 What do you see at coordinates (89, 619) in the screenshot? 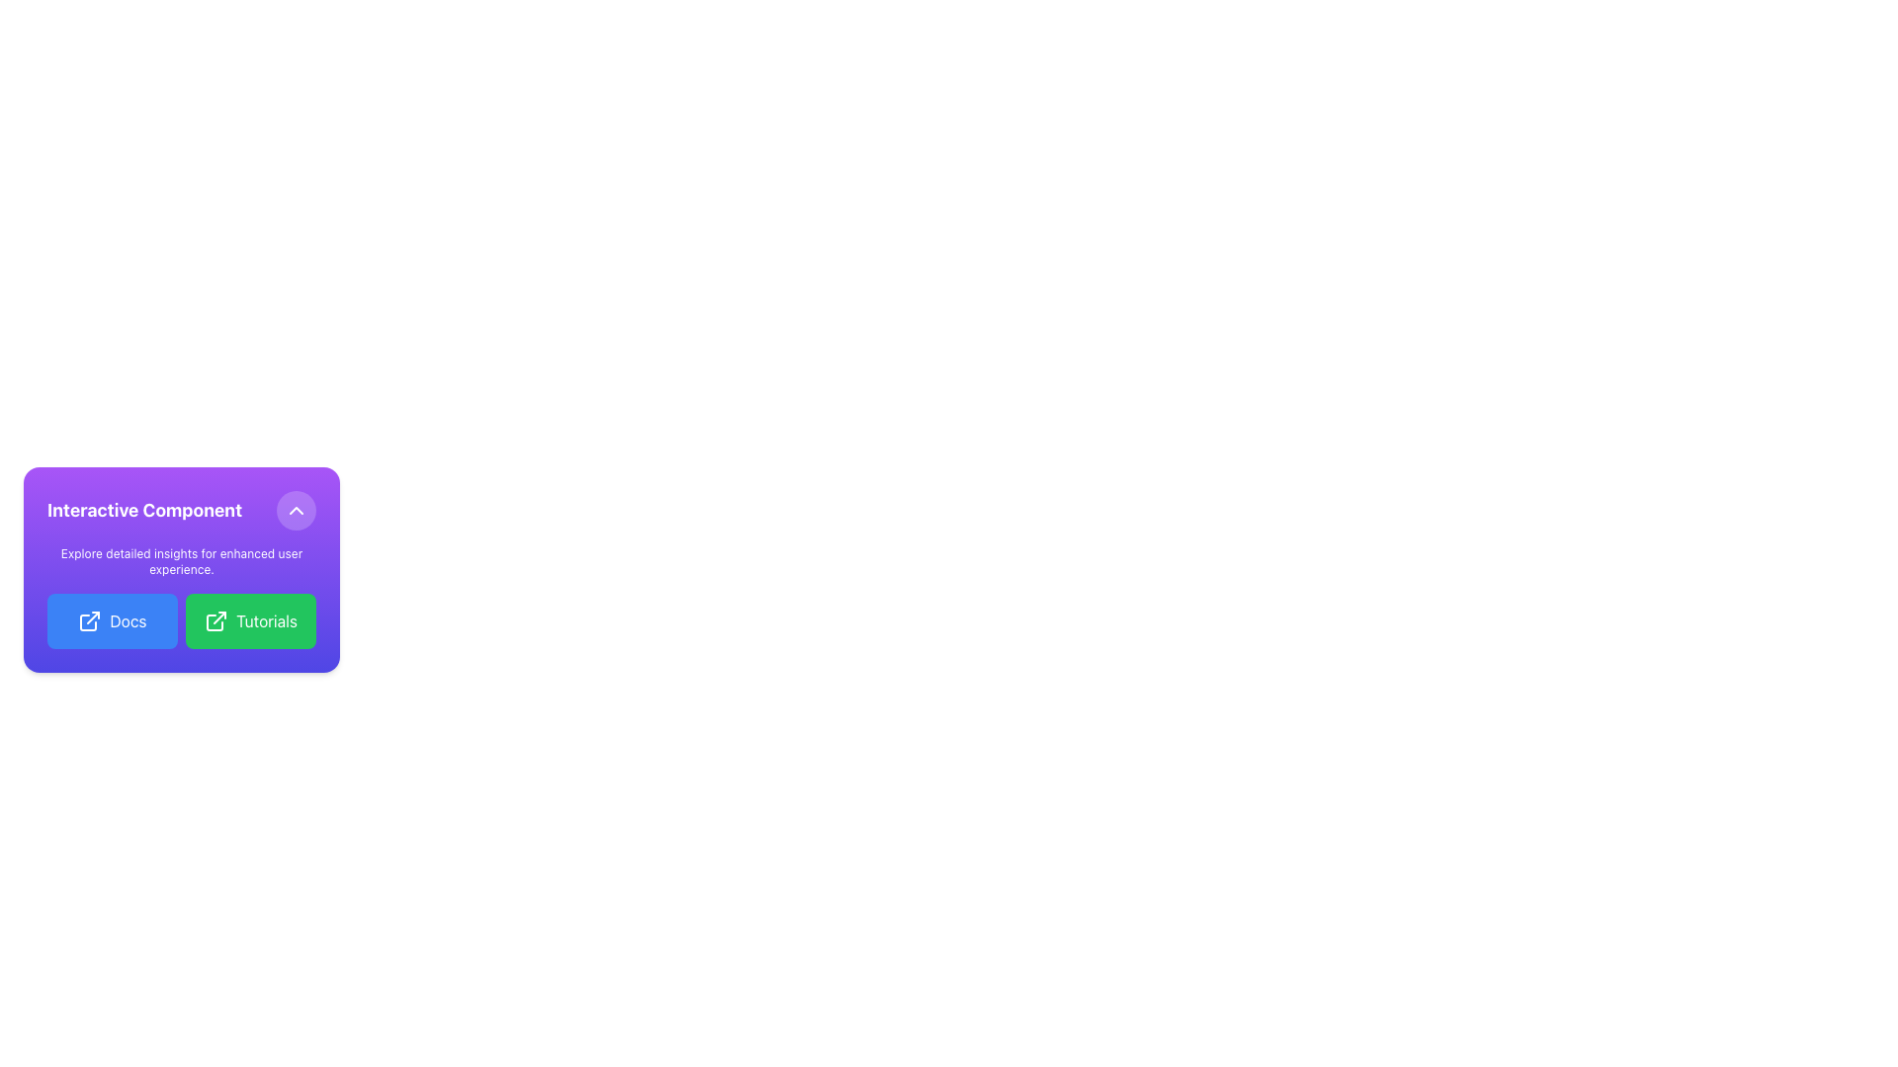
I see `the external link icon located inside the blue 'Docs' button at the lower-left corner of the 'Interactive Component' section` at bounding box center [89, 619].